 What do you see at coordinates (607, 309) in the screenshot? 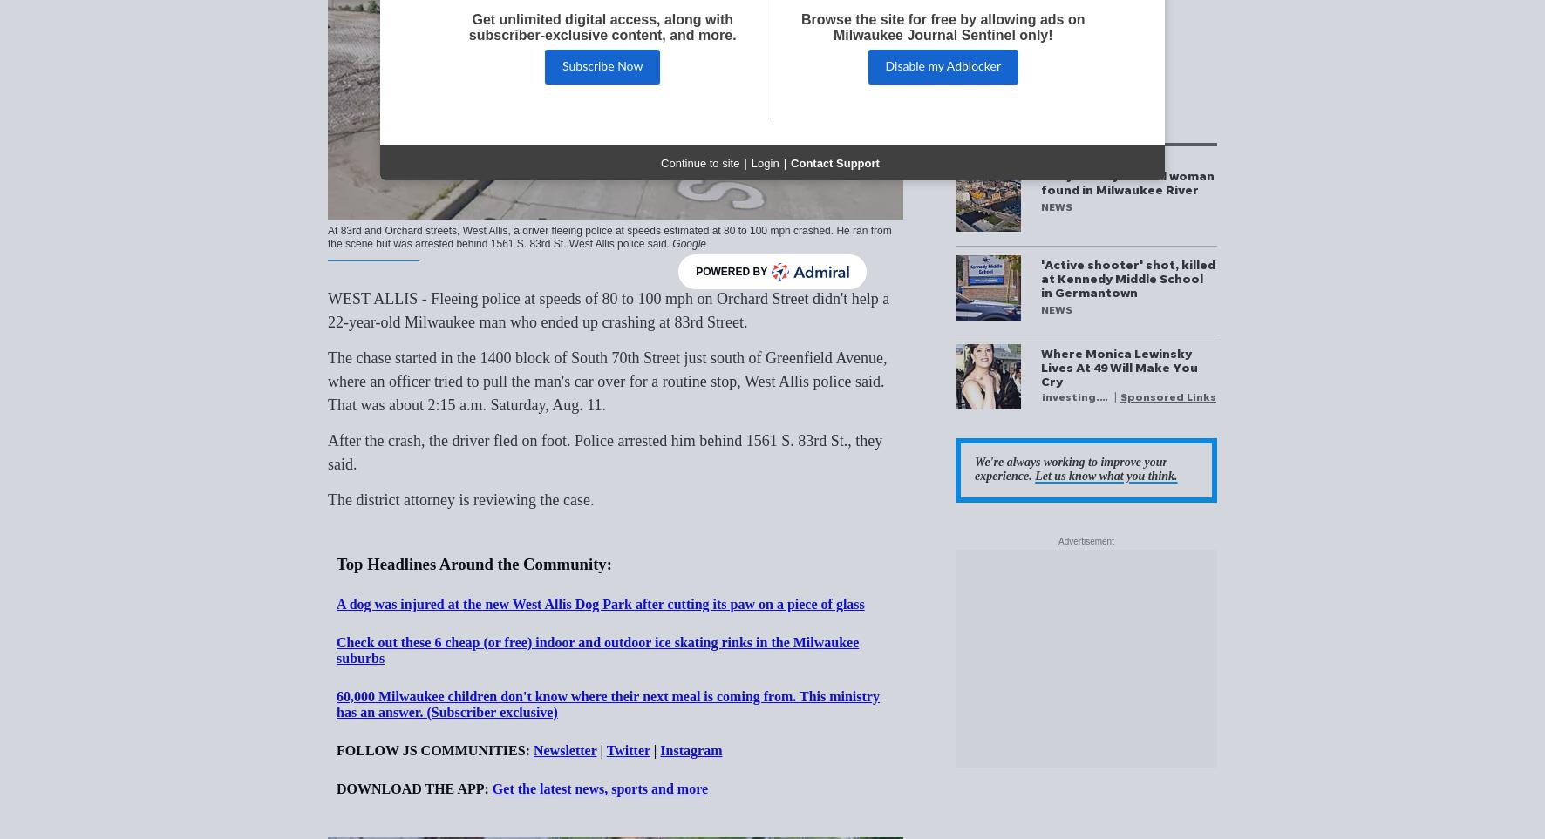
I see `'WEST ALLIS - Fleeing police at speeds of 80 to 100 mph on Orchard Street didn't help a 22-year-old Milwaukee man who ended up crashing at 83rd Street.'` at bounding box center [607, 309].